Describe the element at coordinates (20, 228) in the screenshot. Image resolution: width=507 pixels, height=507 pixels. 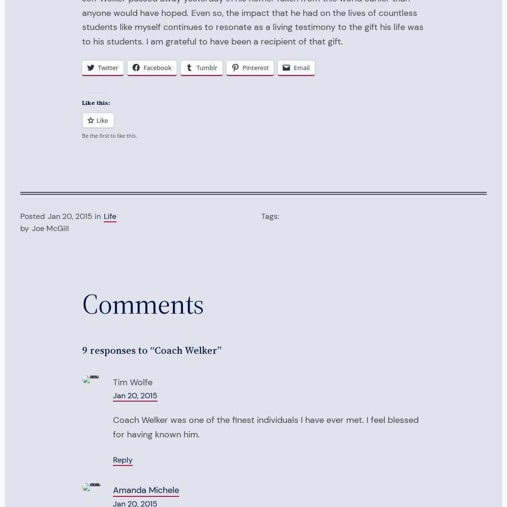
I see `'by'` at that location.